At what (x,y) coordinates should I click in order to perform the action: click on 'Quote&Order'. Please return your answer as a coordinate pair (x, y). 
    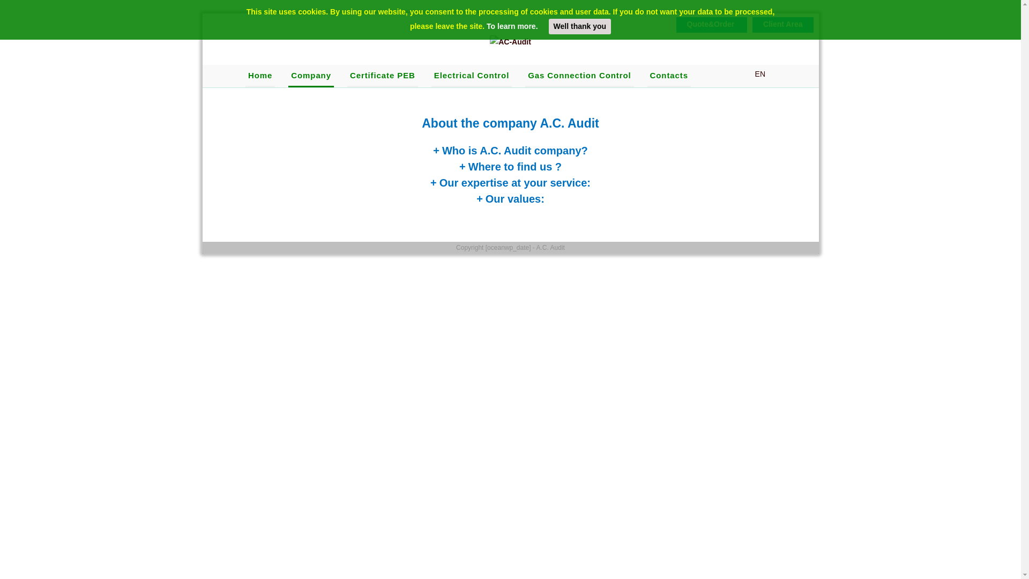
    Looking at the image, I should click on (714, 24).